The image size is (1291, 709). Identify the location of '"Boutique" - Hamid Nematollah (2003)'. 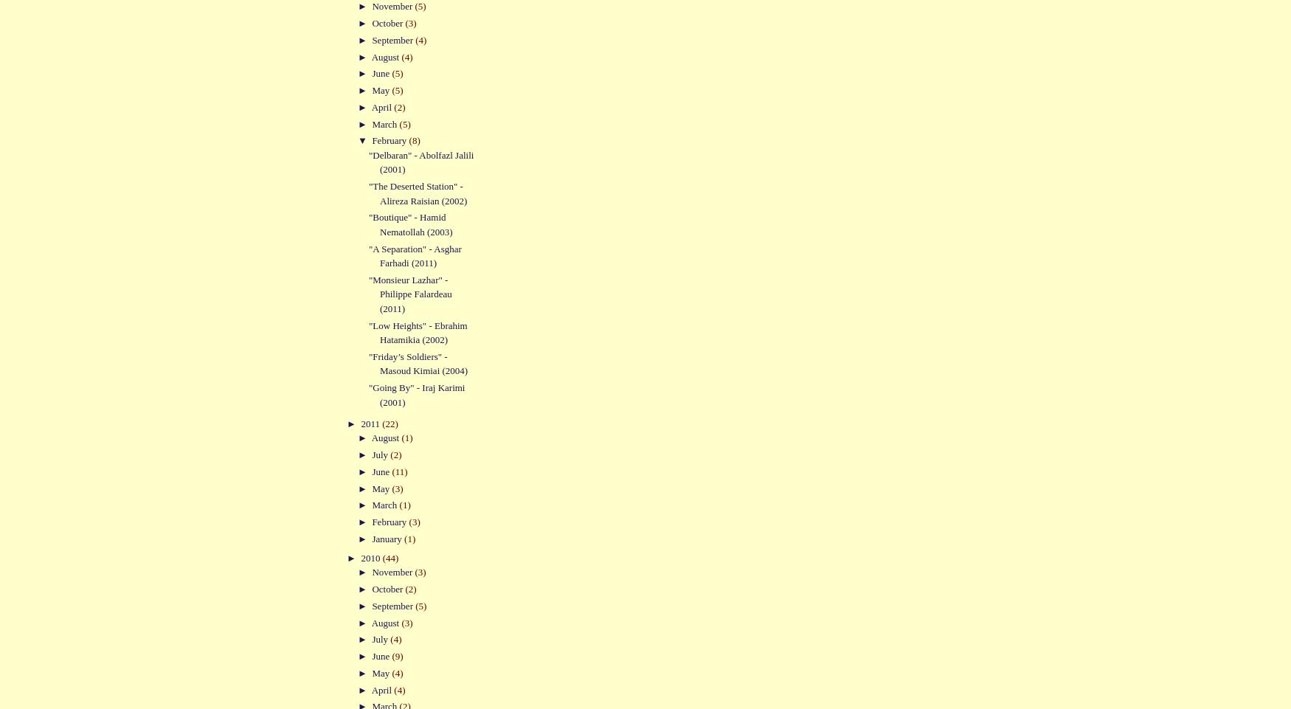
(409, 224).